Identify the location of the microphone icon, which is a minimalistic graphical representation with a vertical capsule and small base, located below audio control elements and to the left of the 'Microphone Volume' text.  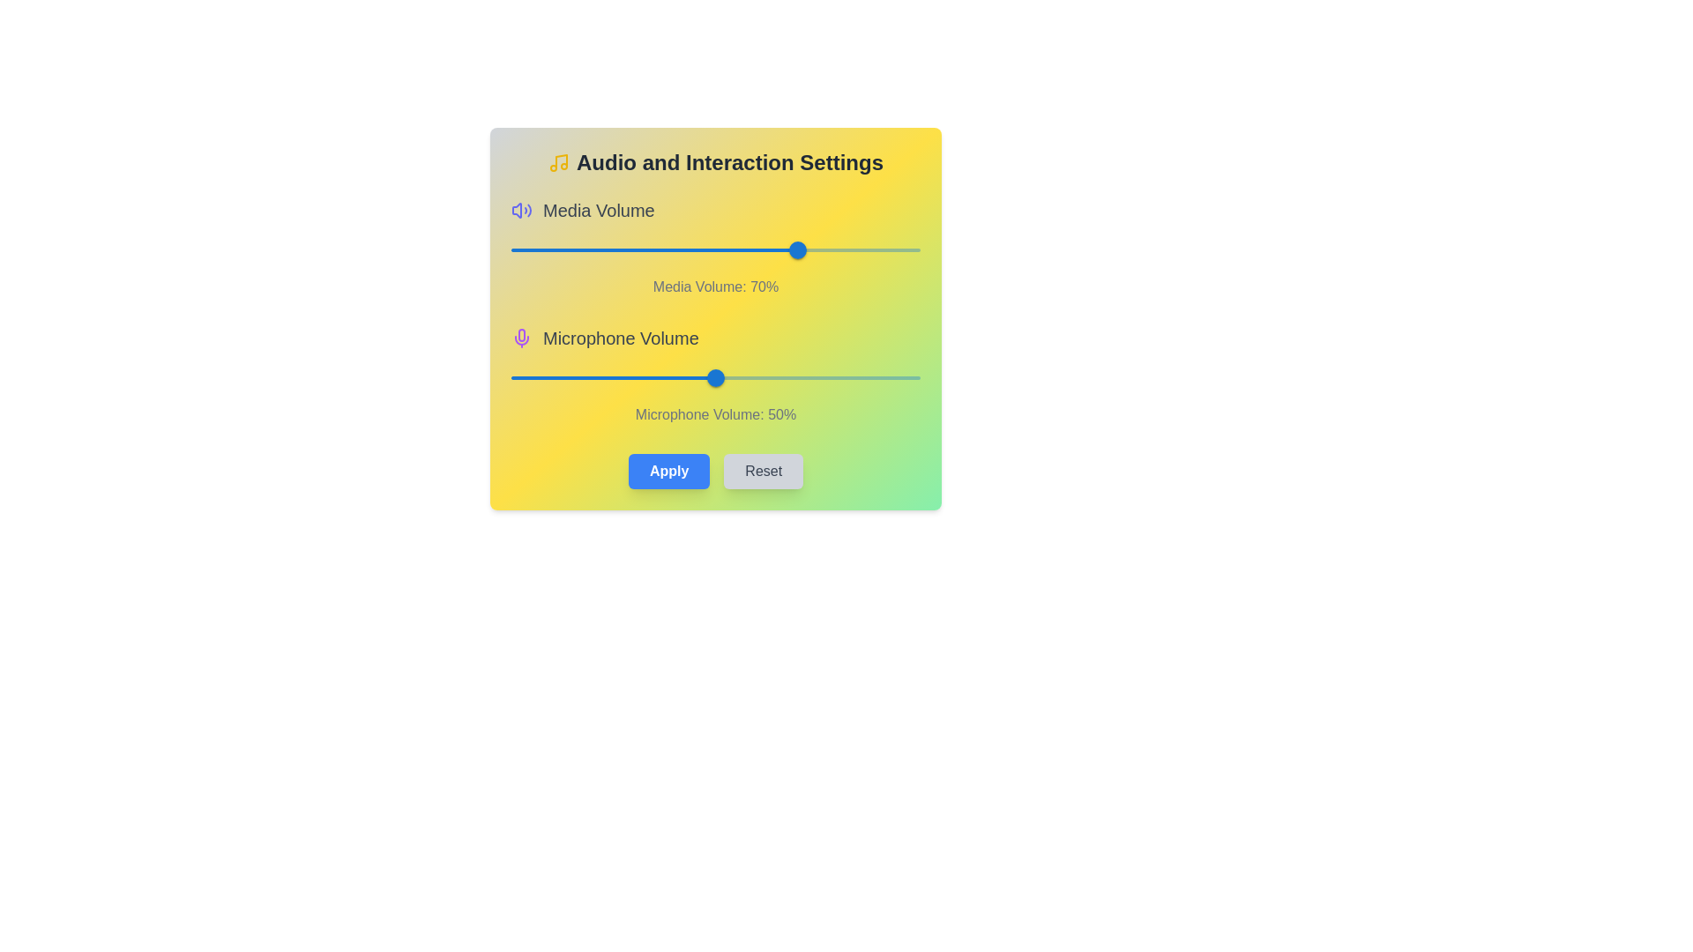
(520, 335).